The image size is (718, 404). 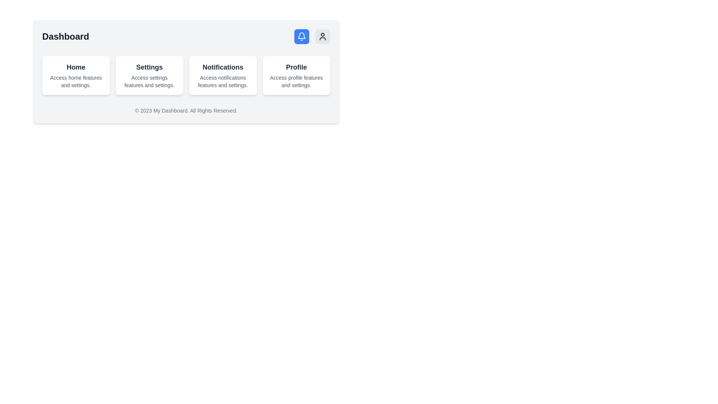 I want to click on the 'Profile' card located in the top-right corner of the grid layout, so click(x=296, y=75).